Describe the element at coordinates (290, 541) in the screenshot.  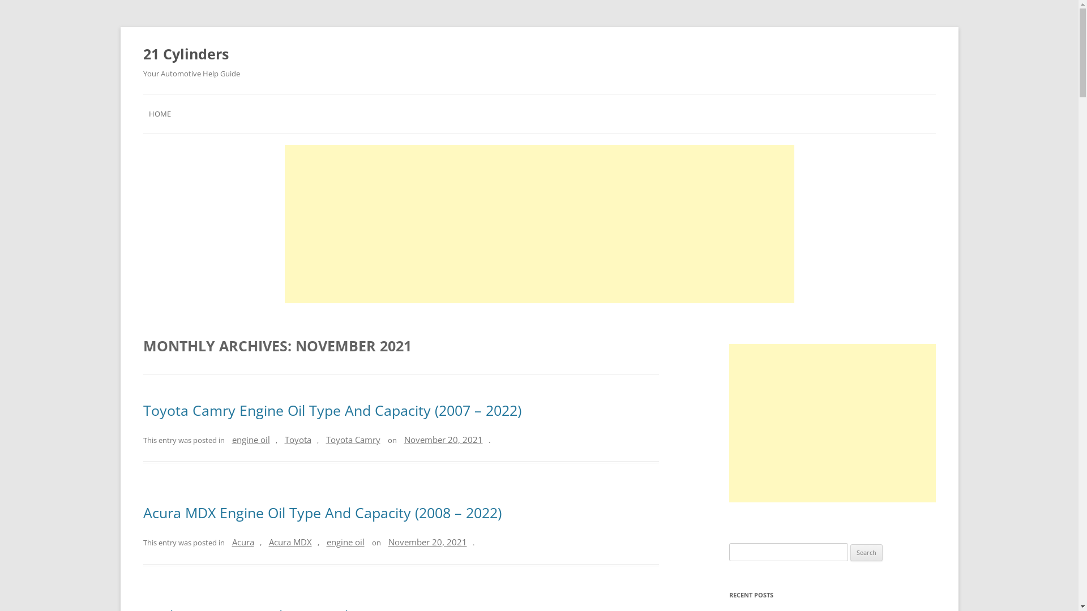
I see `'Acura MDX'` at that location.